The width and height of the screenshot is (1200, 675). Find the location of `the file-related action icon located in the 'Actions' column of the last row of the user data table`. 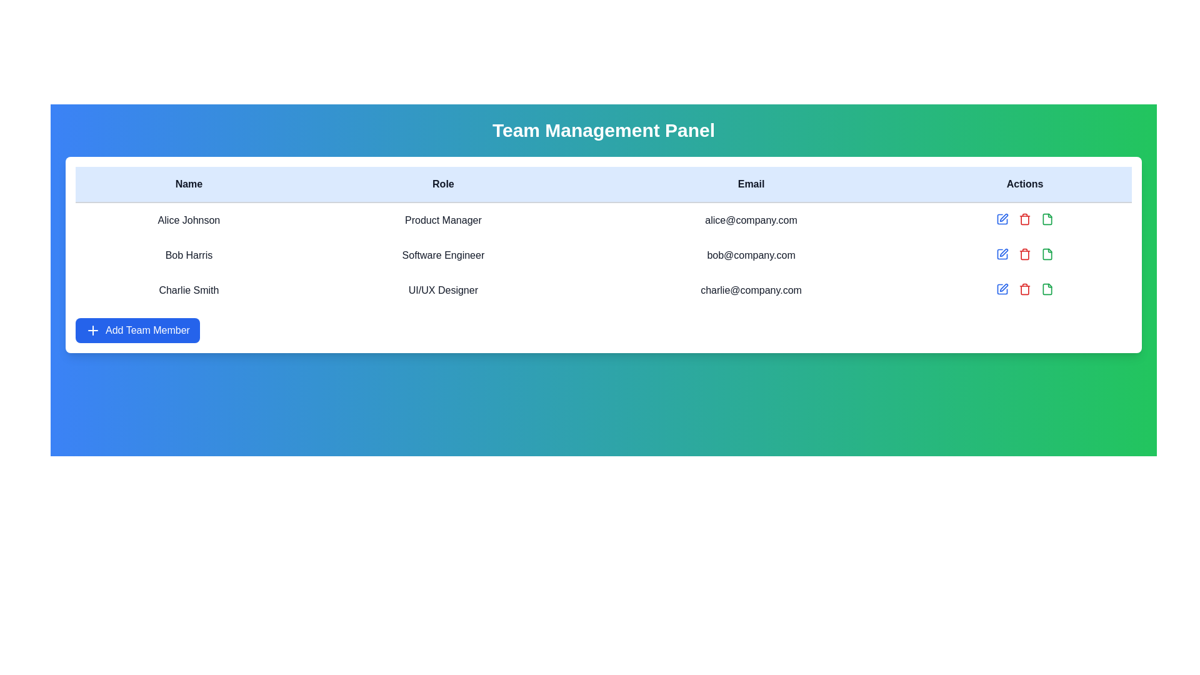

the file-related action icon located in the 'Actions' column of the last row of the user data table is located at coordinates (1047, 219).